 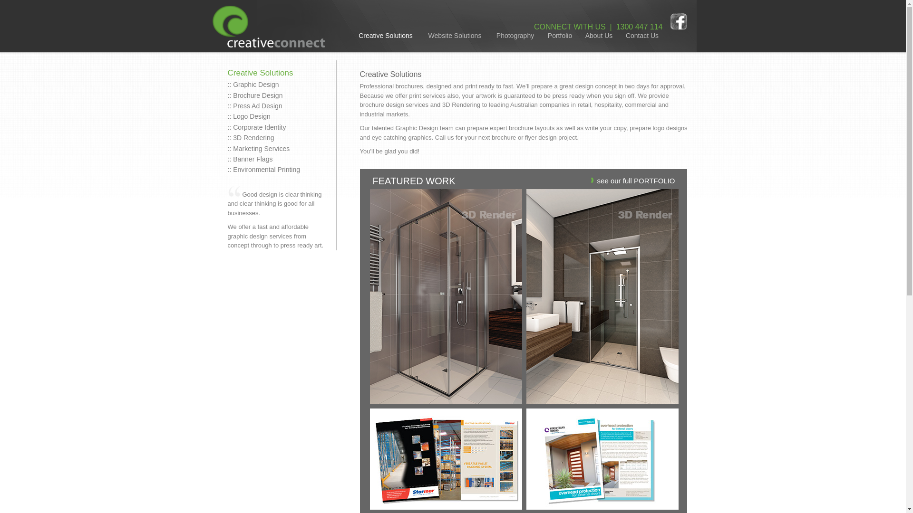 What do you see at coordinates (249, 116) in the screenshot?
I see `':: Logo Design'` at bounding box center [249, 116].